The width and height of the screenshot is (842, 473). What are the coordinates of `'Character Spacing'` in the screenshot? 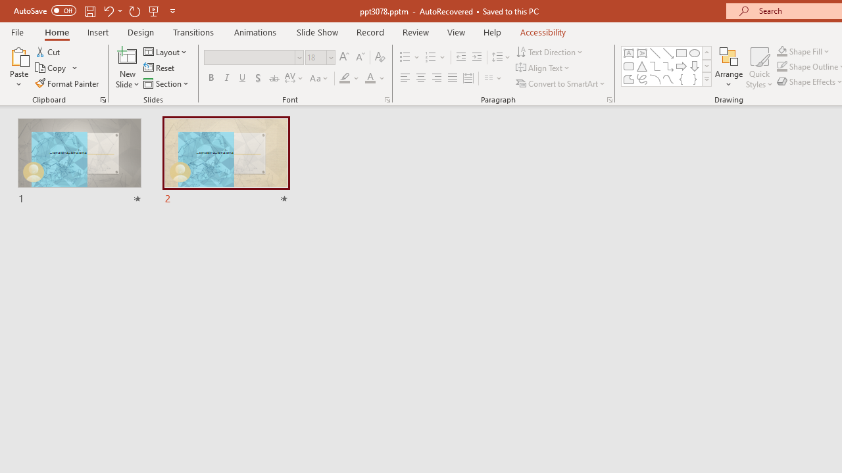 It's located at (294, 78).